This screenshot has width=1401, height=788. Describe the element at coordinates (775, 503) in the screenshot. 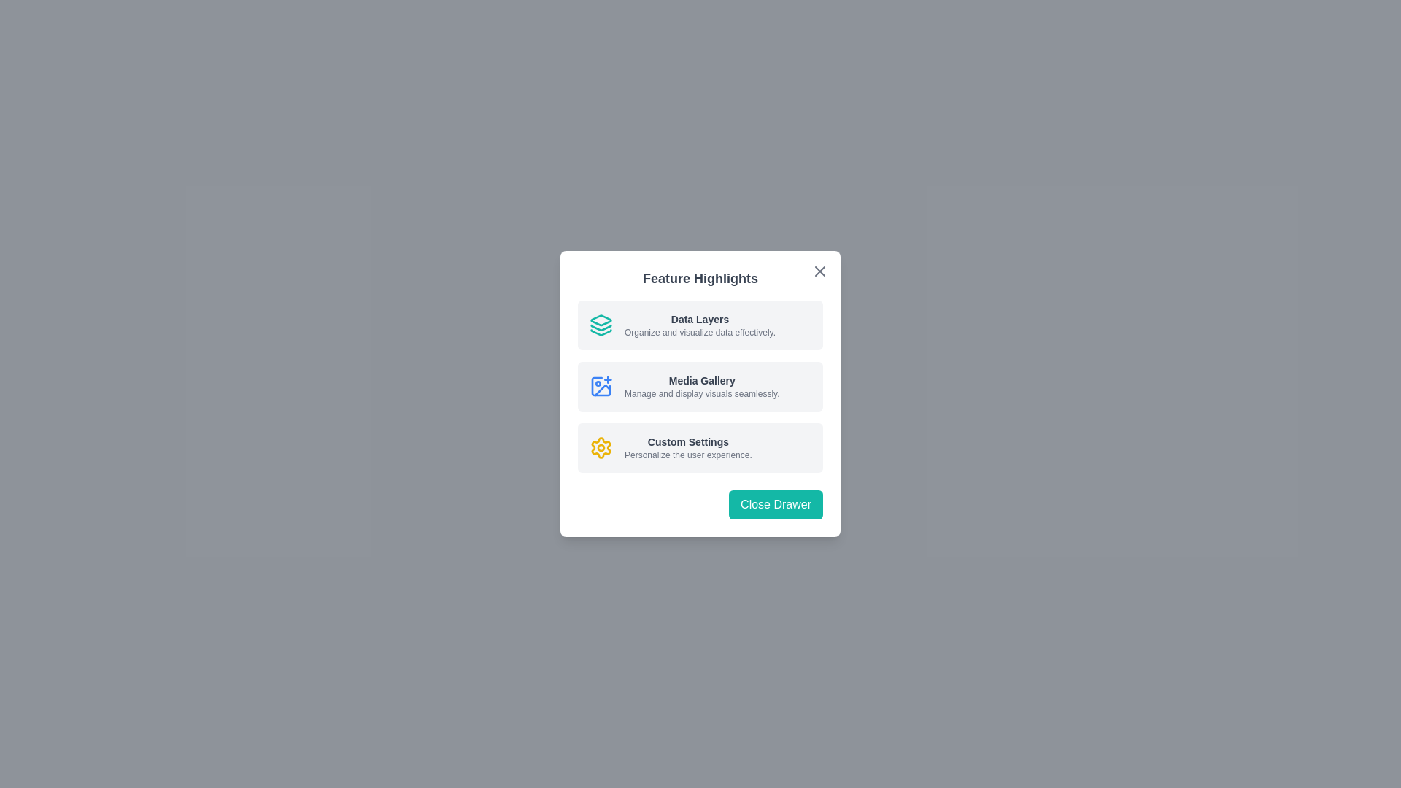

I see `the close button located` at that location.